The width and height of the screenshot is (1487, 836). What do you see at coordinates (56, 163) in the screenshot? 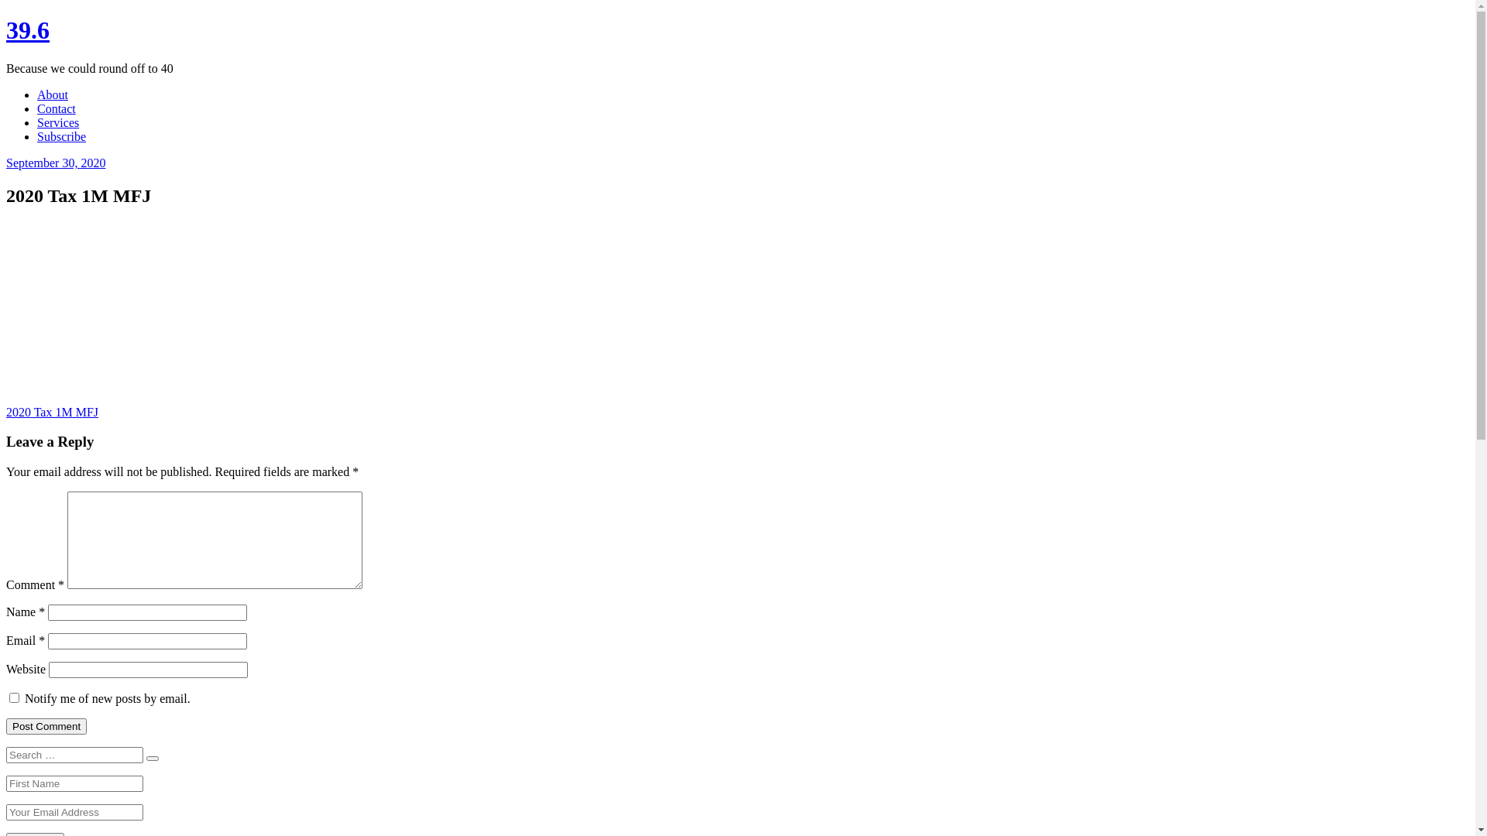
I see `'September 30, 2020'` at bounding box center [56, 163].